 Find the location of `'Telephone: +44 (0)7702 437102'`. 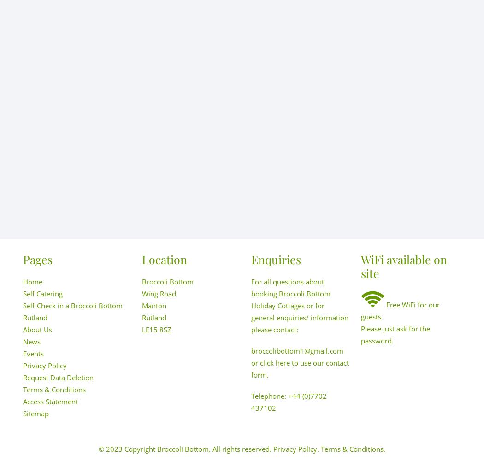

'Telephone: +44 (0)7702 437102' is located at coordinates (289, 402).